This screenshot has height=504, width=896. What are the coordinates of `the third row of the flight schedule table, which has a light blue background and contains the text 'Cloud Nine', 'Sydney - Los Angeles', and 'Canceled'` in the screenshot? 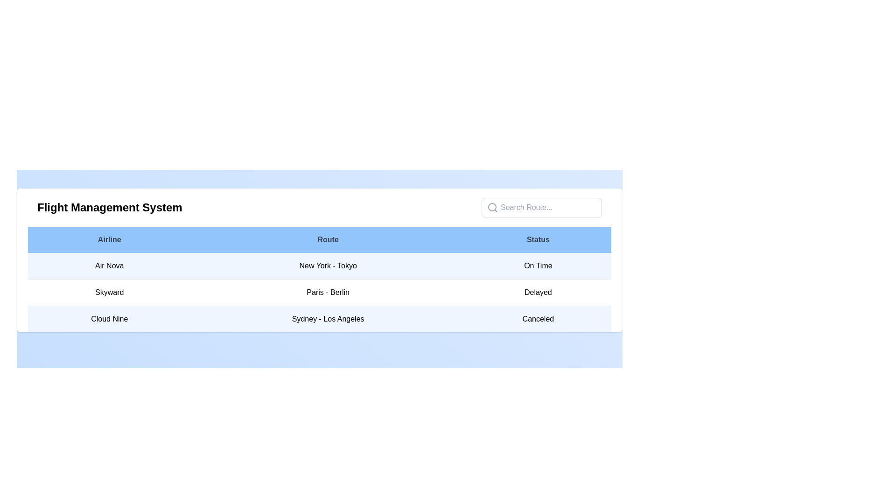 It's located at (320, 318).